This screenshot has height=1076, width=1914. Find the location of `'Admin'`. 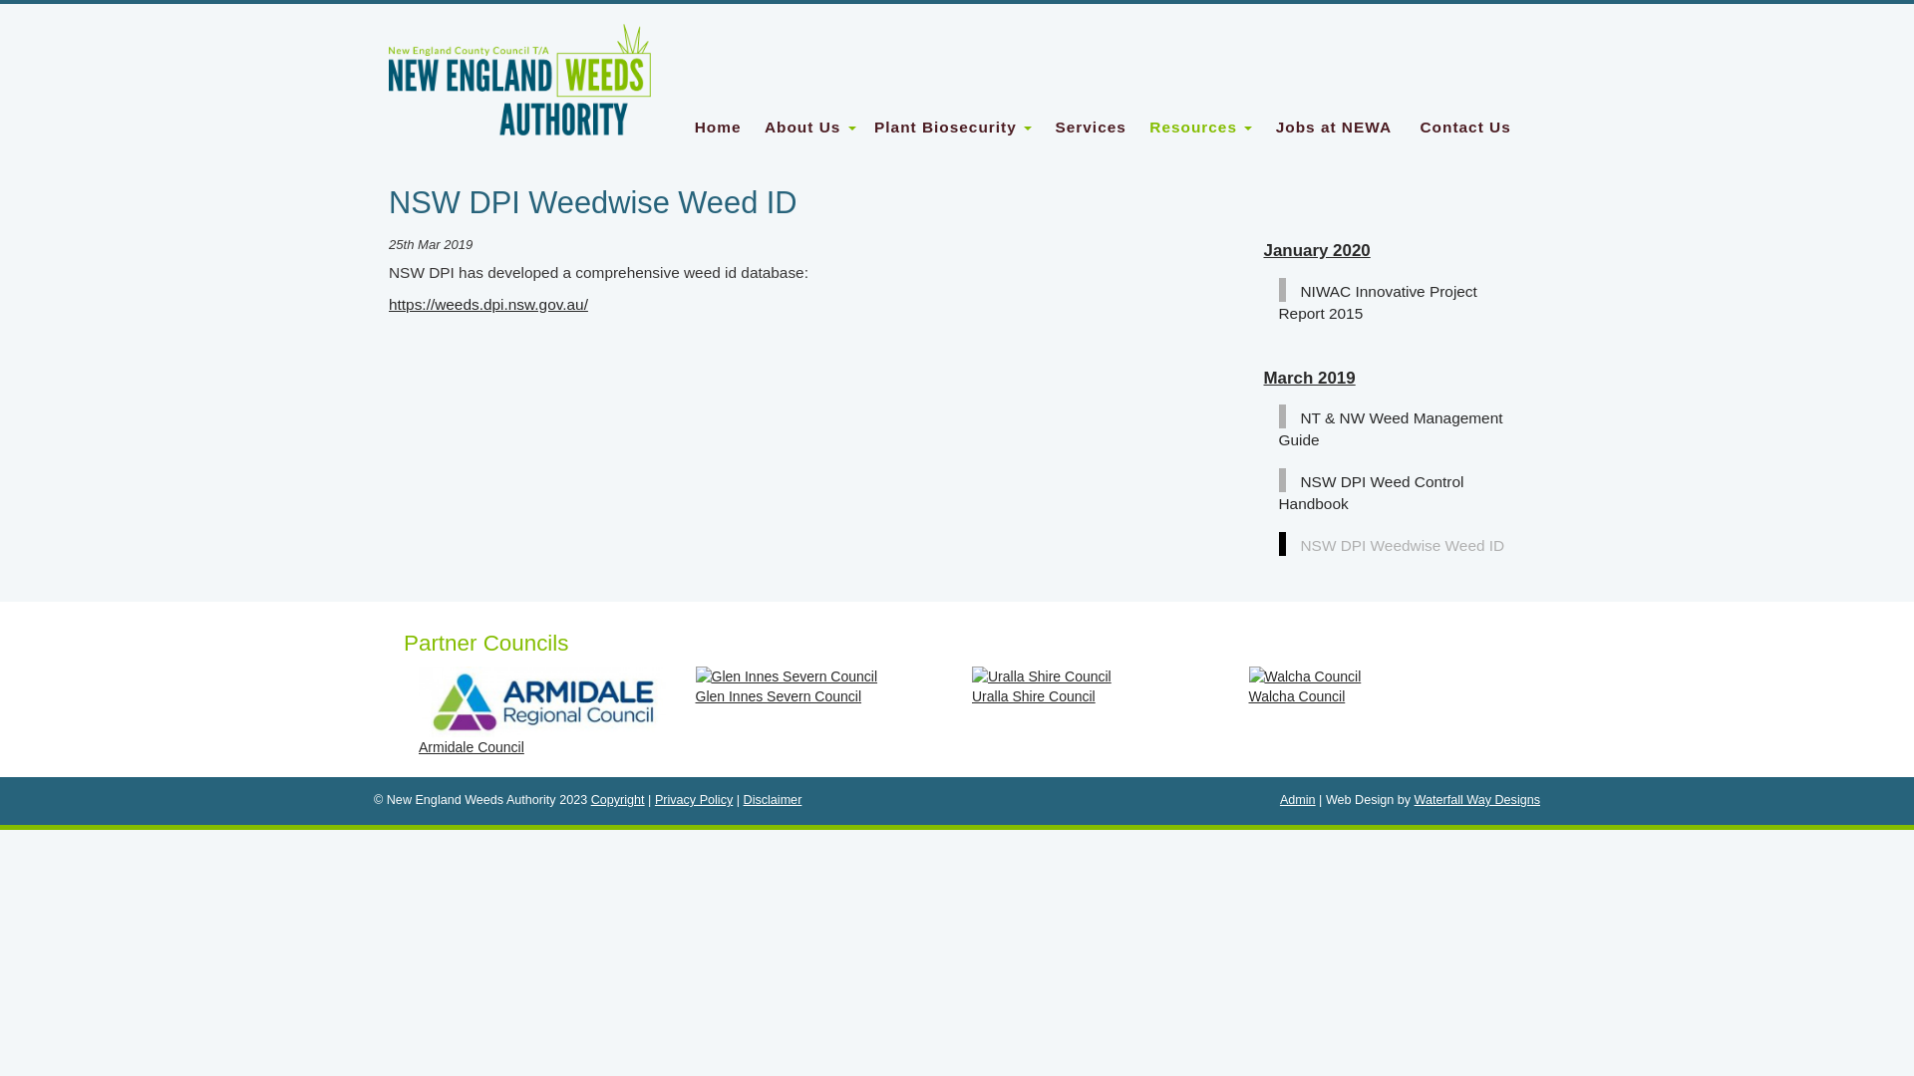

'Admin' is located at coordinates (1297, 798).